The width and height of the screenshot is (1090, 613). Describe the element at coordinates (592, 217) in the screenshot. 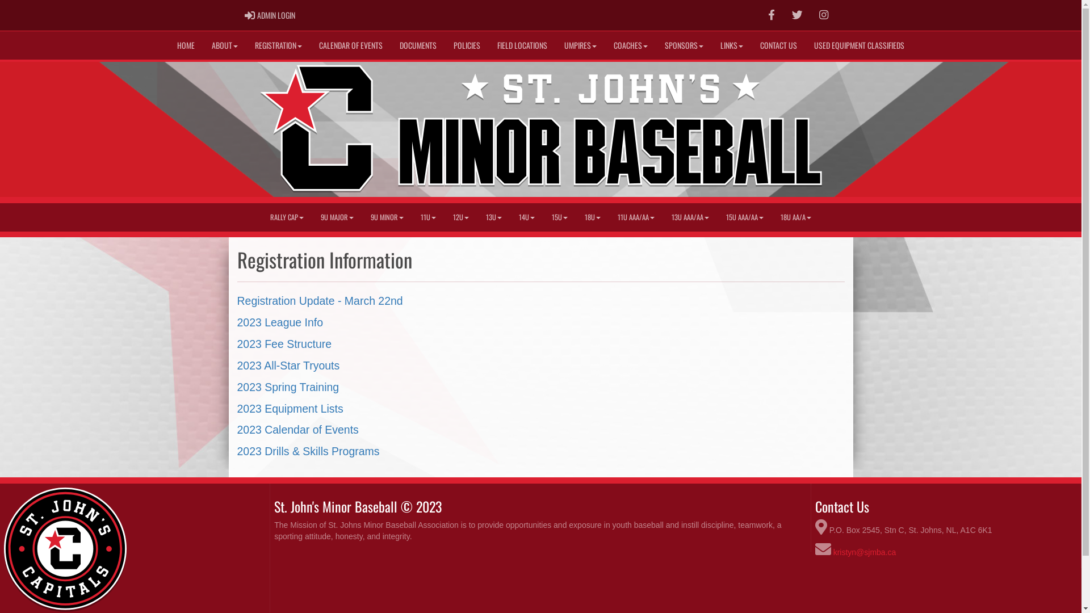

I see `'18U'` at that location.